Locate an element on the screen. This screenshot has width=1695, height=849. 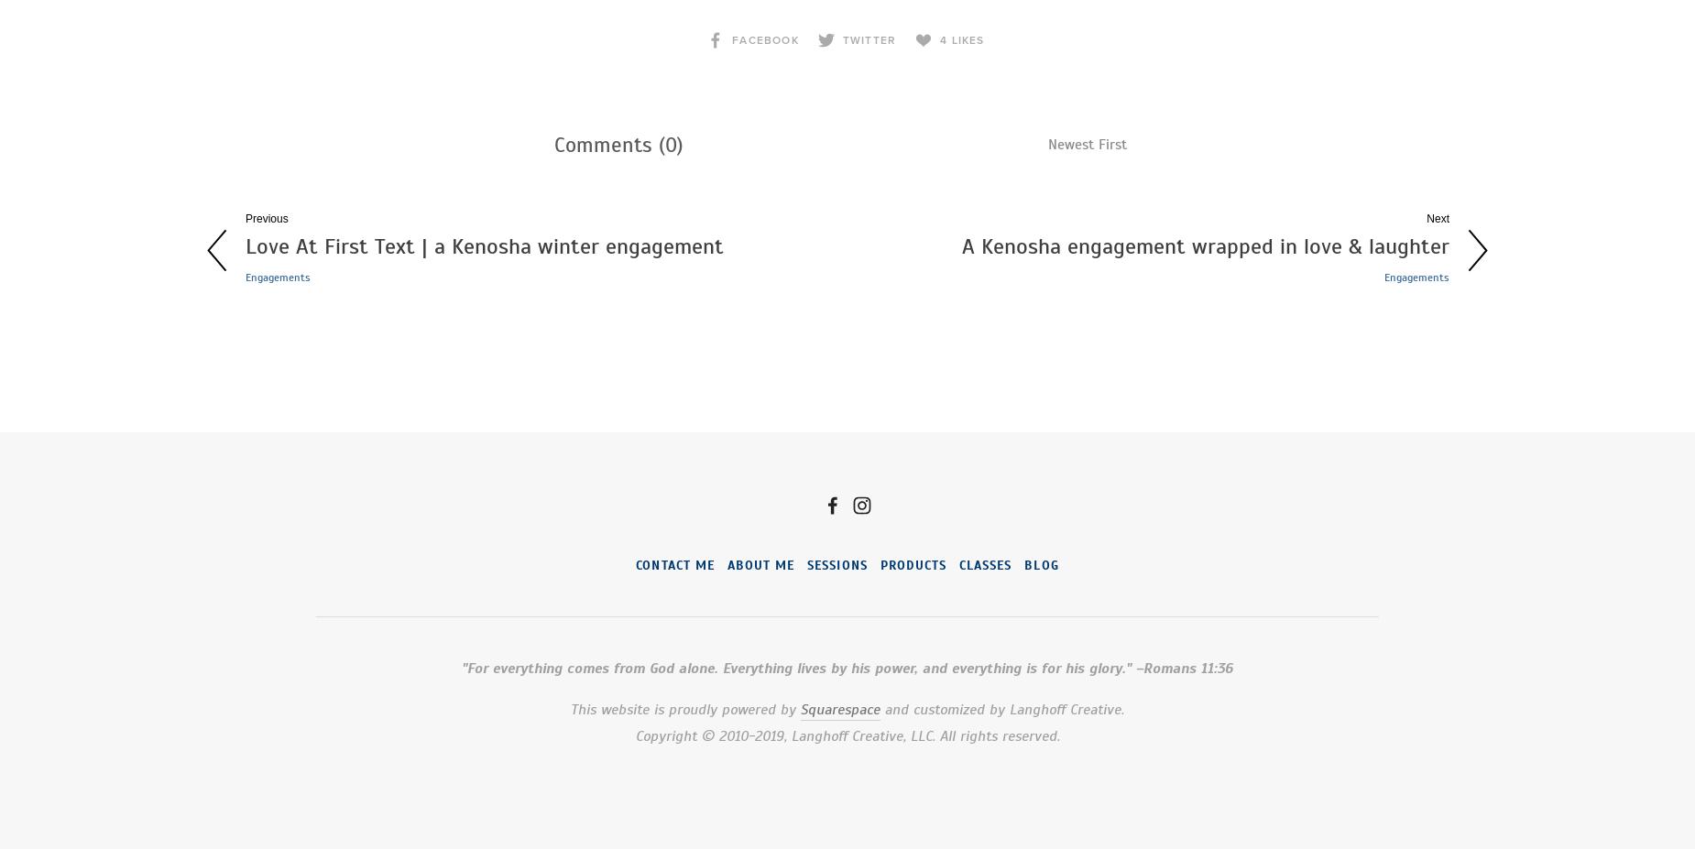
'Next' is located at coordinates (1438, 217).